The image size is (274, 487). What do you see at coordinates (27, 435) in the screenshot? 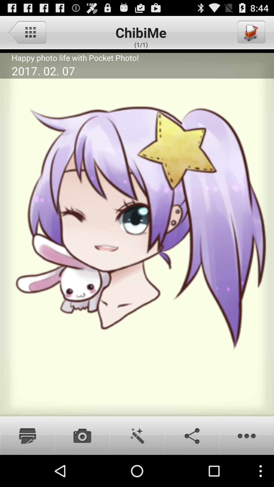
I see `photo` at bounding box center [27, 435].